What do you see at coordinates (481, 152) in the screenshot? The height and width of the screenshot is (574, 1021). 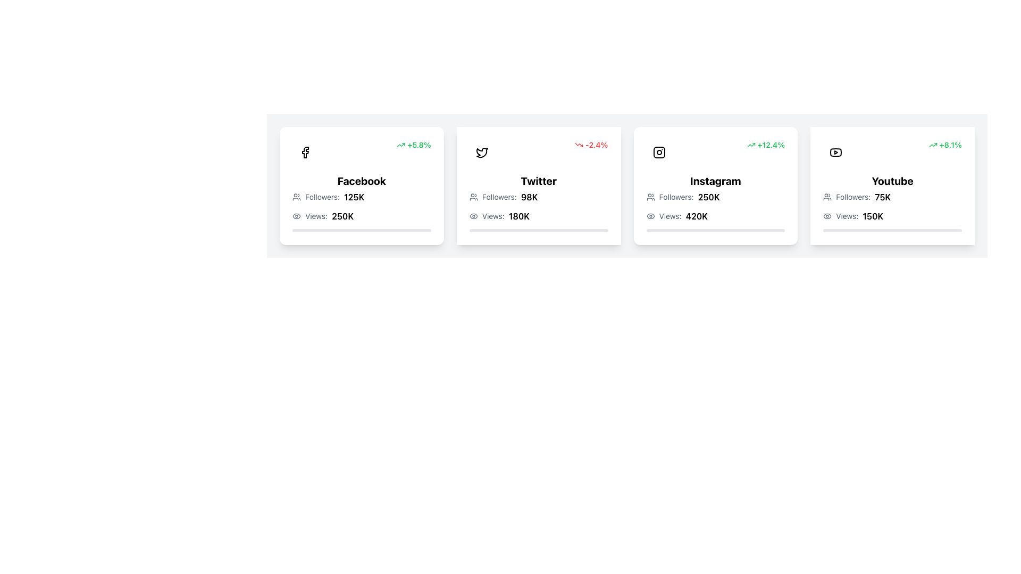 I see `the Twitter icon located at the top-left corner of the Twitter card, which serves as a visual branding element for the platform` at bounding box center [481, 152].